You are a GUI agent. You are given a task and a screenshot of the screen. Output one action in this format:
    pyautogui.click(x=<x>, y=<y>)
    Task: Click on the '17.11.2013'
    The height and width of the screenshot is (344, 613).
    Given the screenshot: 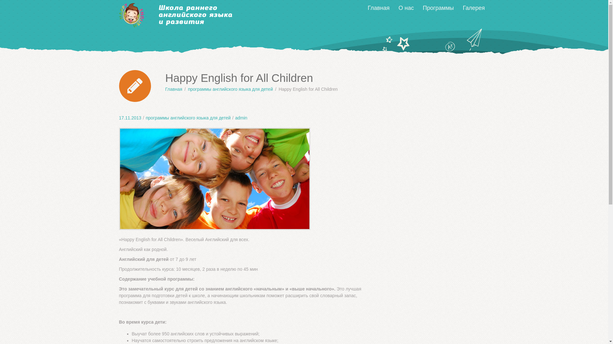 What is the action you would take?
    pyautogui.click(x=119, y=118)
    